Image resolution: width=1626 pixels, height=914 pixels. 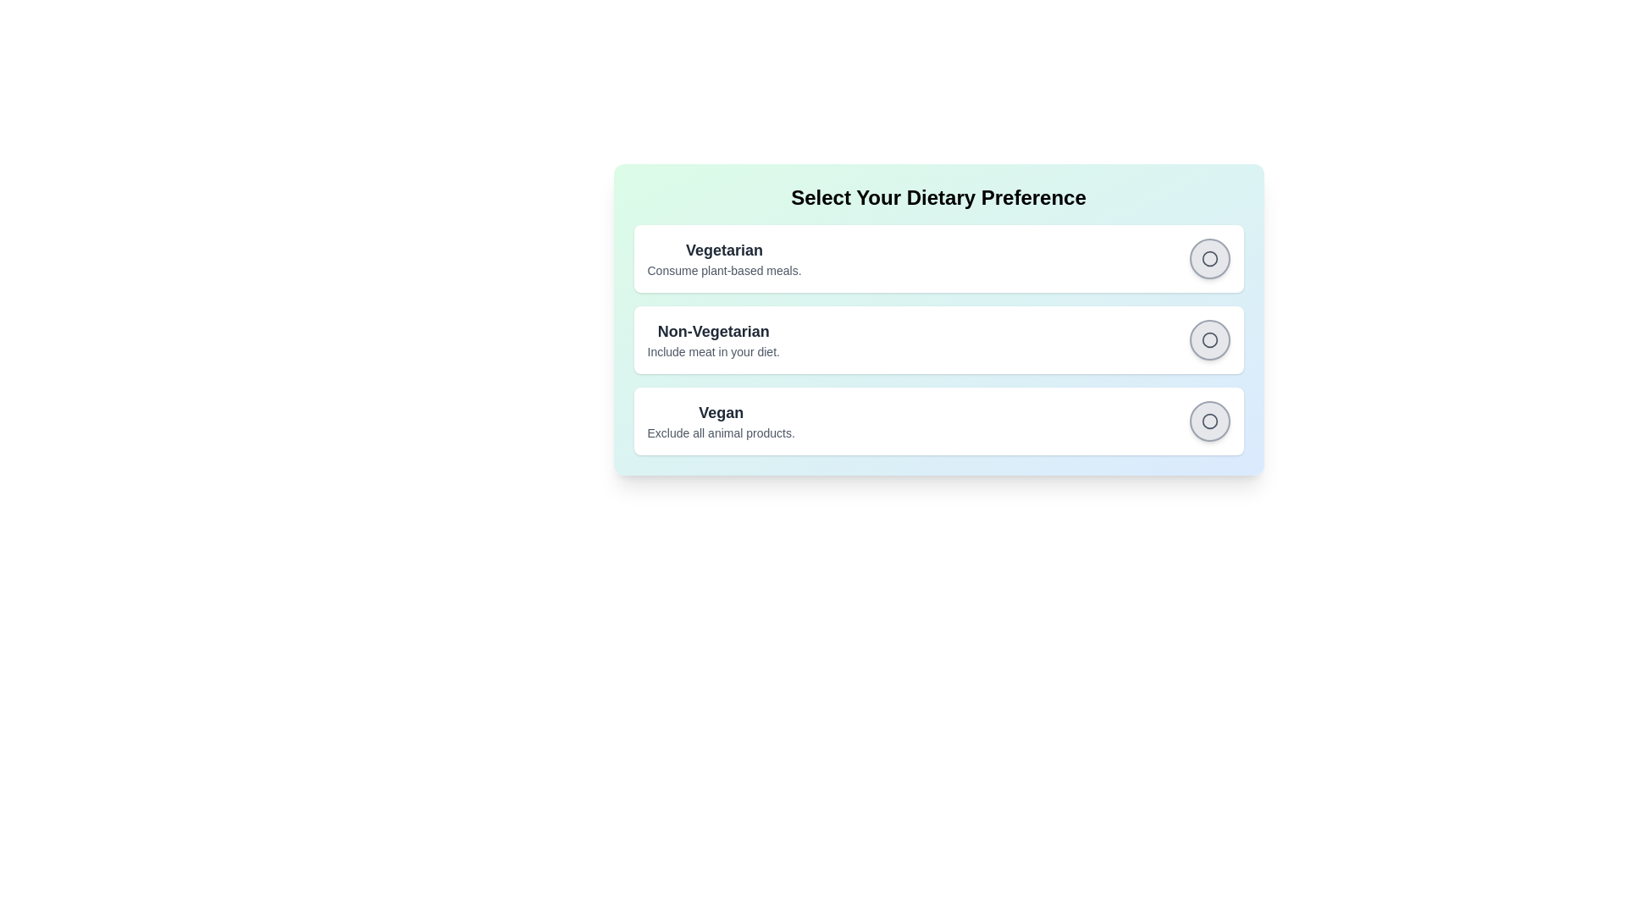 What do you see at coordinates (721, 432) in the screenshot?
I see `the static text label that provides additional descriptive information for the 'Vegan' option, located directly below the 'Vegan' heading in the 'Select Your Dietary Preference' interface` at bounding box center [721, 432].